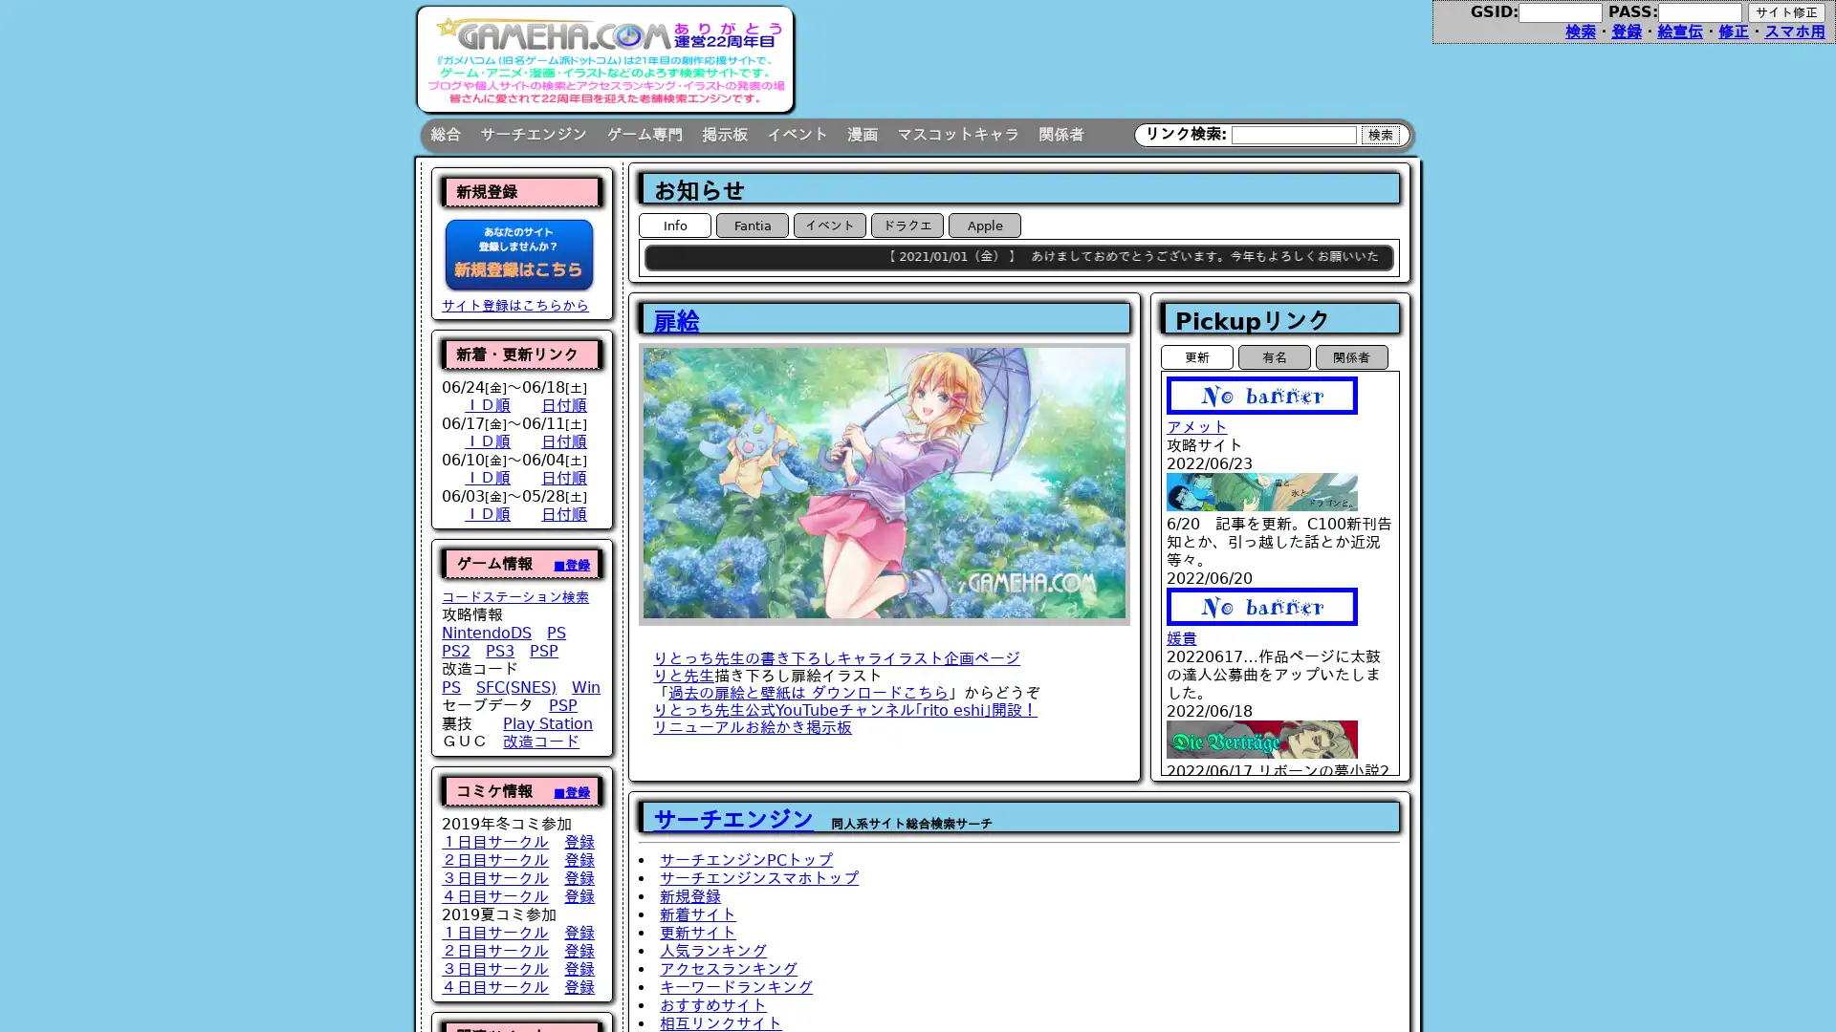  I want to click on Fantia, so click(752, 224).